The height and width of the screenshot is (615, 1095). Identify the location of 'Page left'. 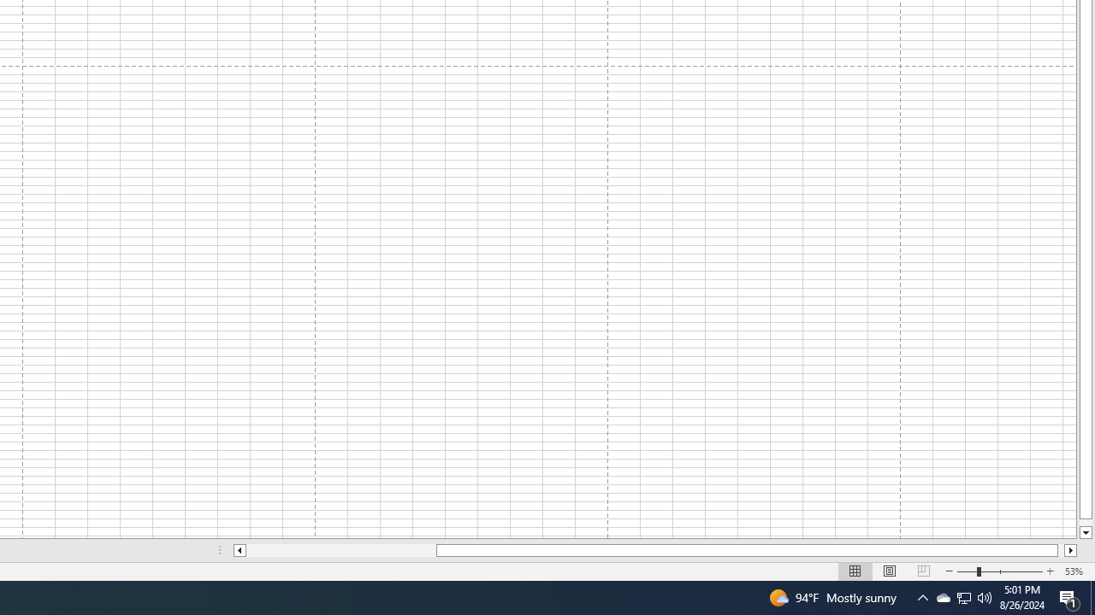
(340, 550).